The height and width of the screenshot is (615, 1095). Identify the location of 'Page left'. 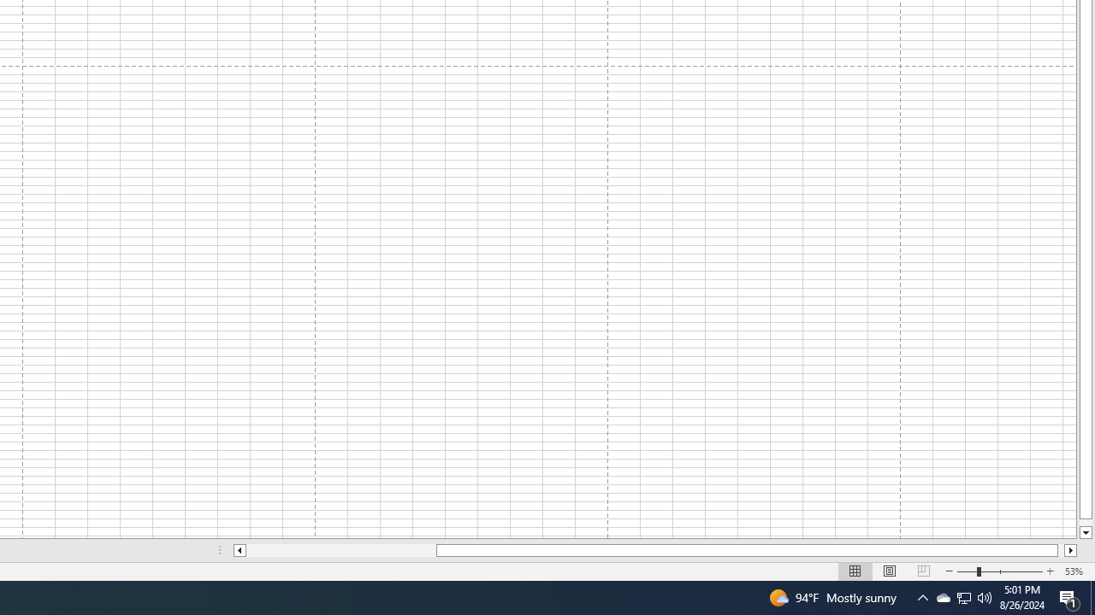
(340, 550).